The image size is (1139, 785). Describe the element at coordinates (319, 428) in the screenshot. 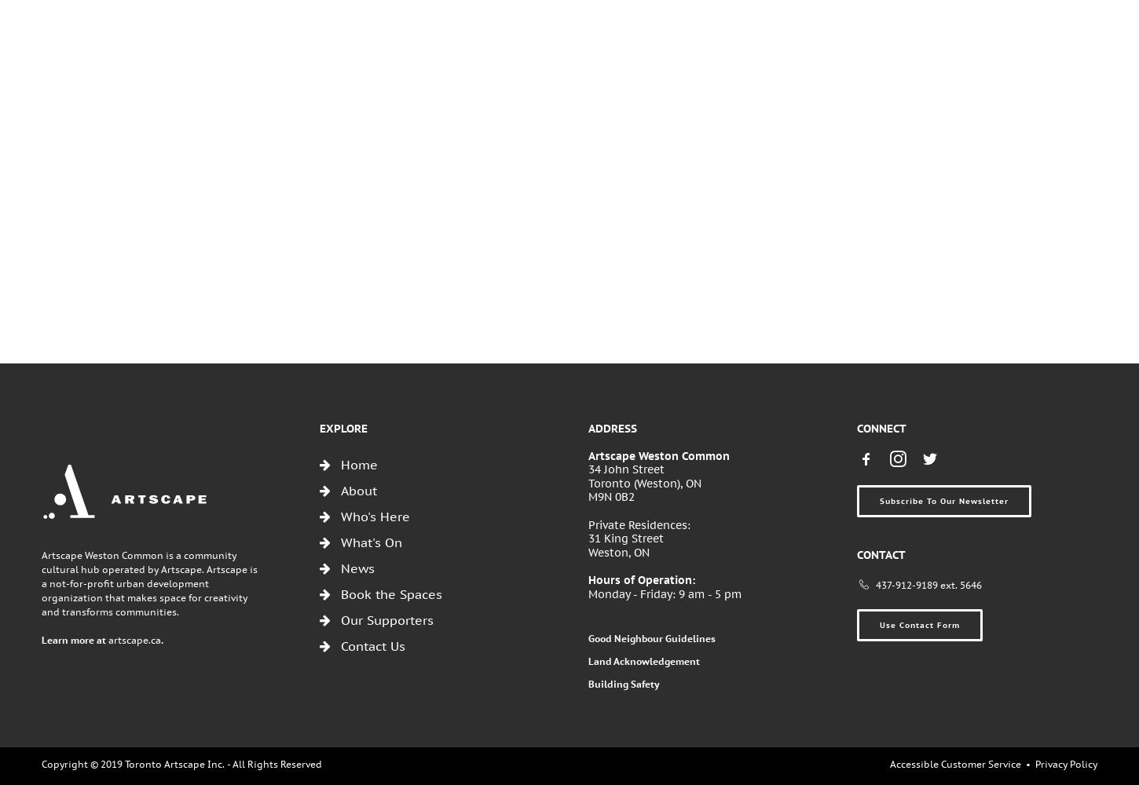

I see `'Explore'` at that location.